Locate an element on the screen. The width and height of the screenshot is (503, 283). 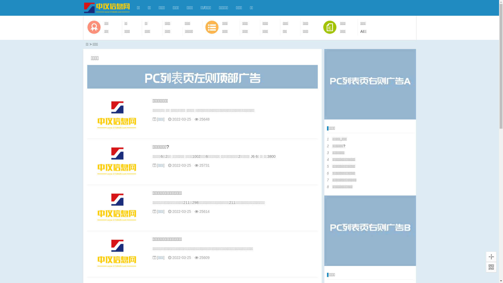
'QR Code' is located at coordinates (491, 267).